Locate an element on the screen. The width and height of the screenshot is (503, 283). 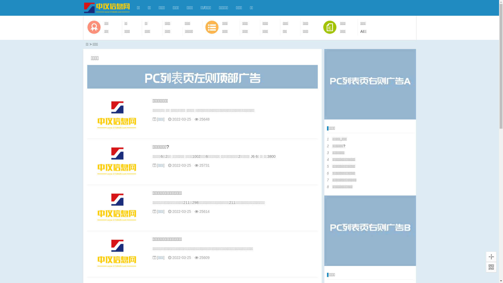
'QR Code' is located at coordinates (491, 267).